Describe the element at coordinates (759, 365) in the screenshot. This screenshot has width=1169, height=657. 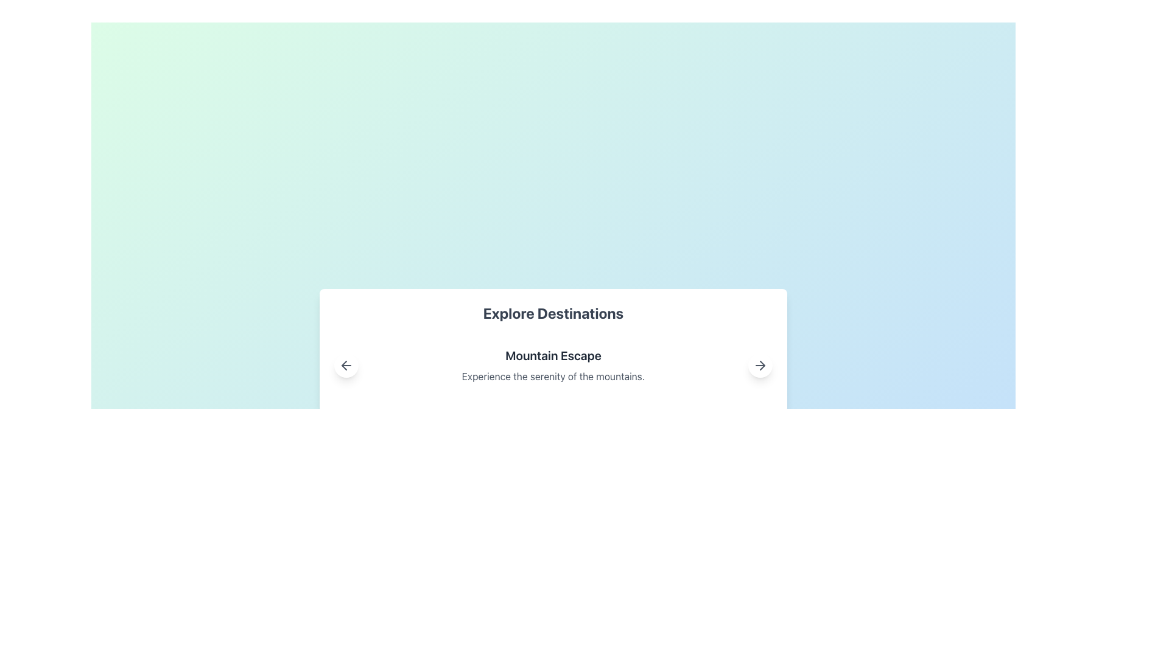
I see `the rightward pointing arrow icon within the circular button` at that location.